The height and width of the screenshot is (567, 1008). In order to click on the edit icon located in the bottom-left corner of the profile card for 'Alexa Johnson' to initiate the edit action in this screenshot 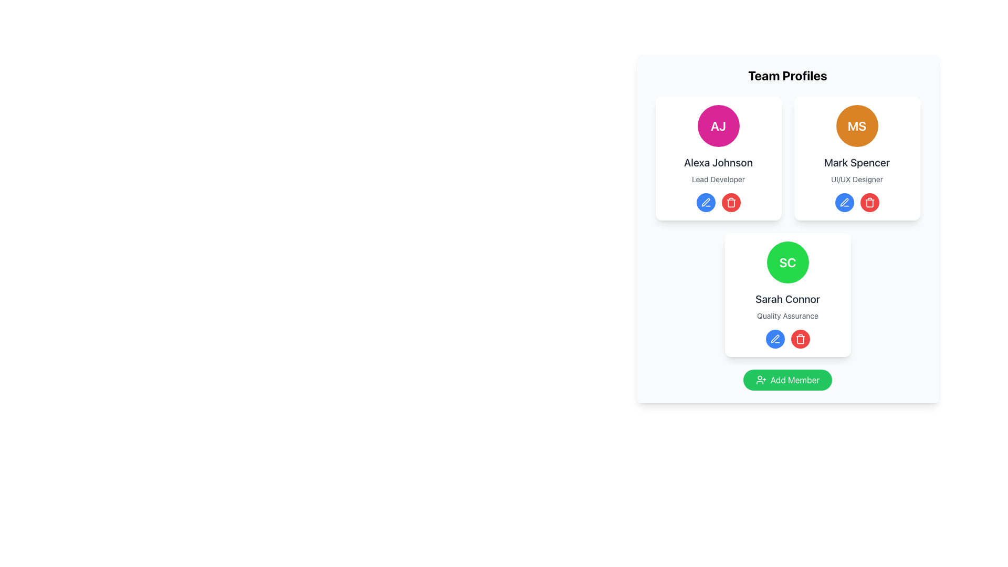, I will do `click(706, 202)`.